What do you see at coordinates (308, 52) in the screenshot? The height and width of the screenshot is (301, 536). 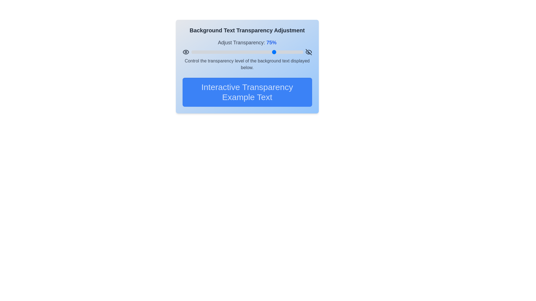 I see `the right eye icon` at bounding box center [308, 52].